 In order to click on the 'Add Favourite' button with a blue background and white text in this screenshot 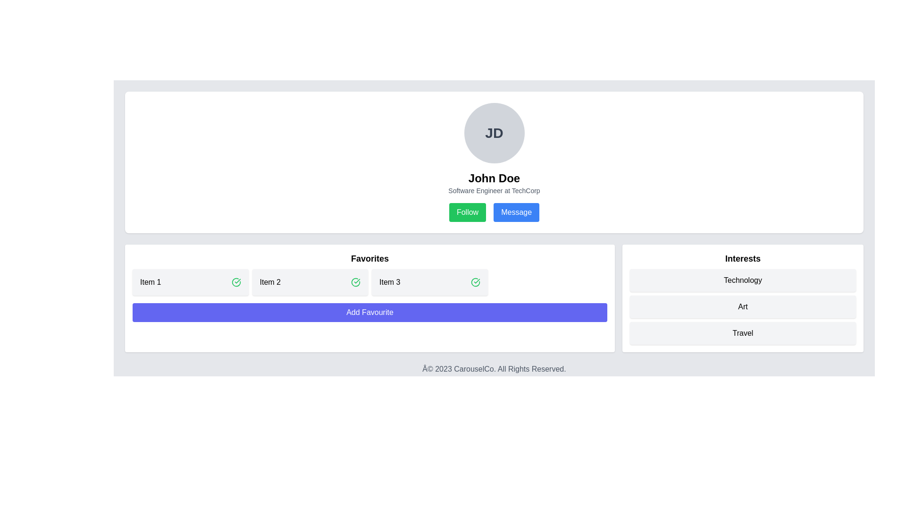, I will do `click(369, 313)`.